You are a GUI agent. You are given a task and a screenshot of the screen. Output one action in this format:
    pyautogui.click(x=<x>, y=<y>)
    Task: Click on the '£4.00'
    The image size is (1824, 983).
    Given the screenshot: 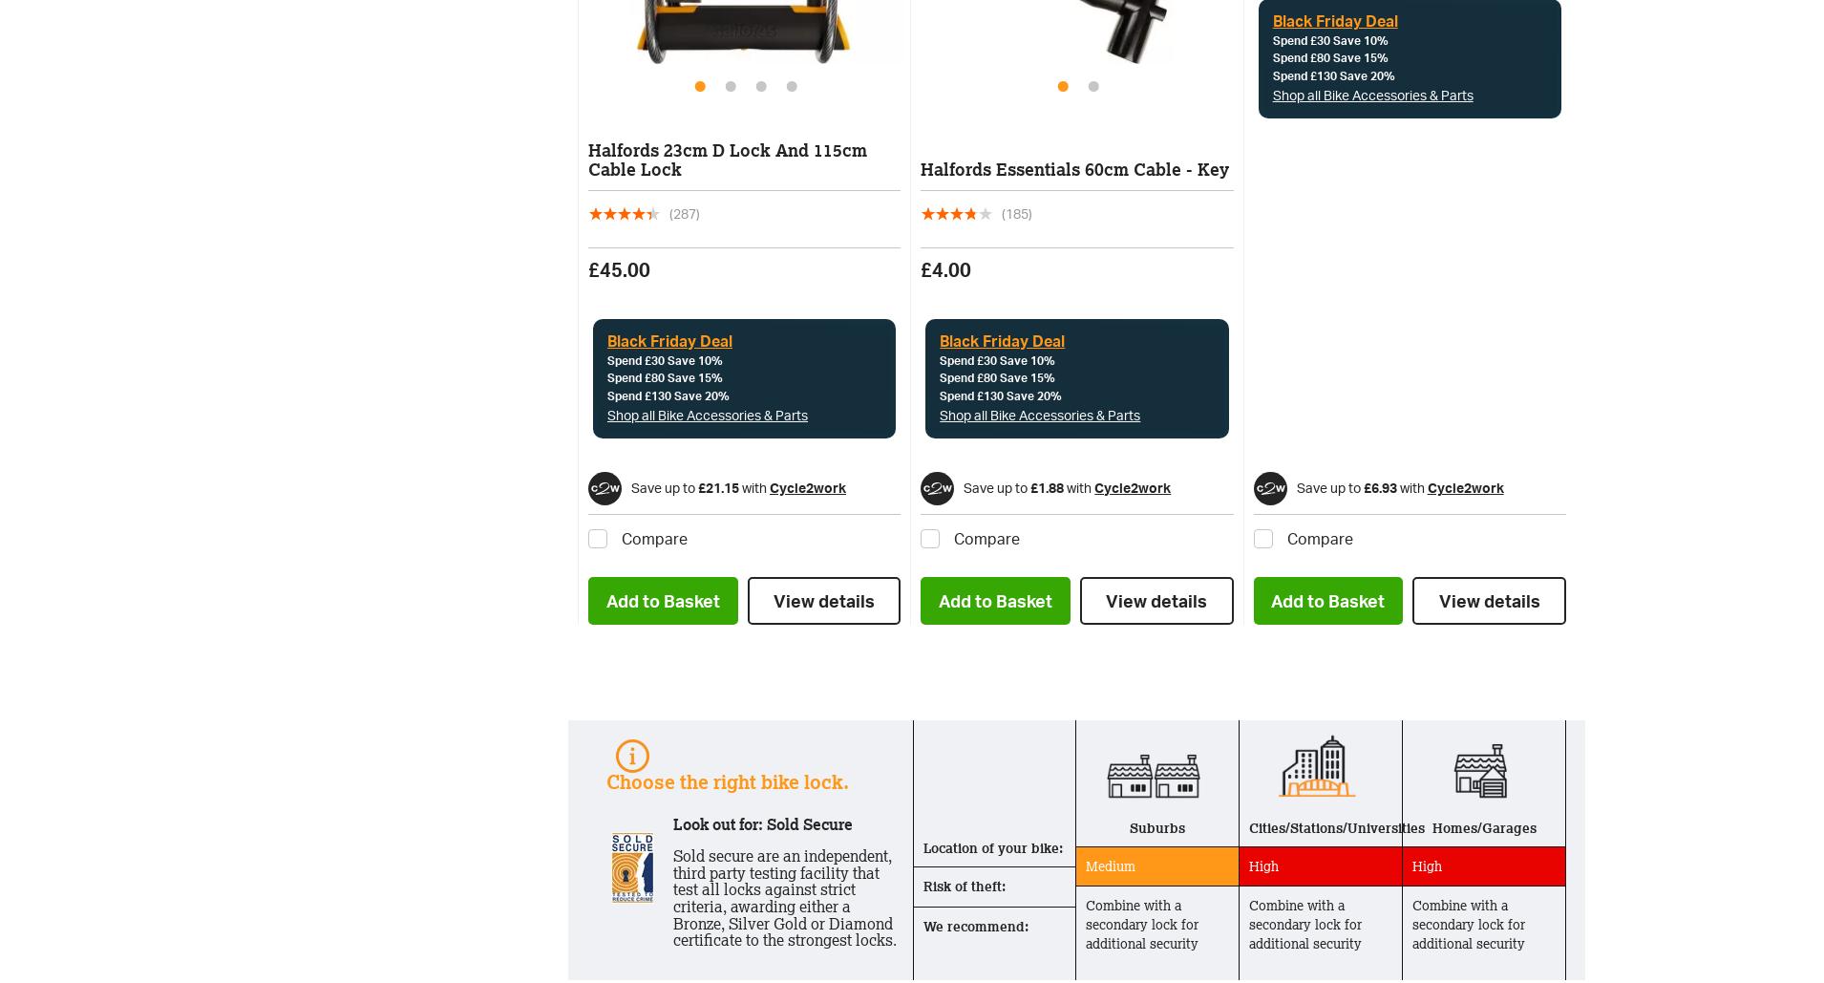 What is the action you would take?
    pyautogui.click(x=944, y=267)
    